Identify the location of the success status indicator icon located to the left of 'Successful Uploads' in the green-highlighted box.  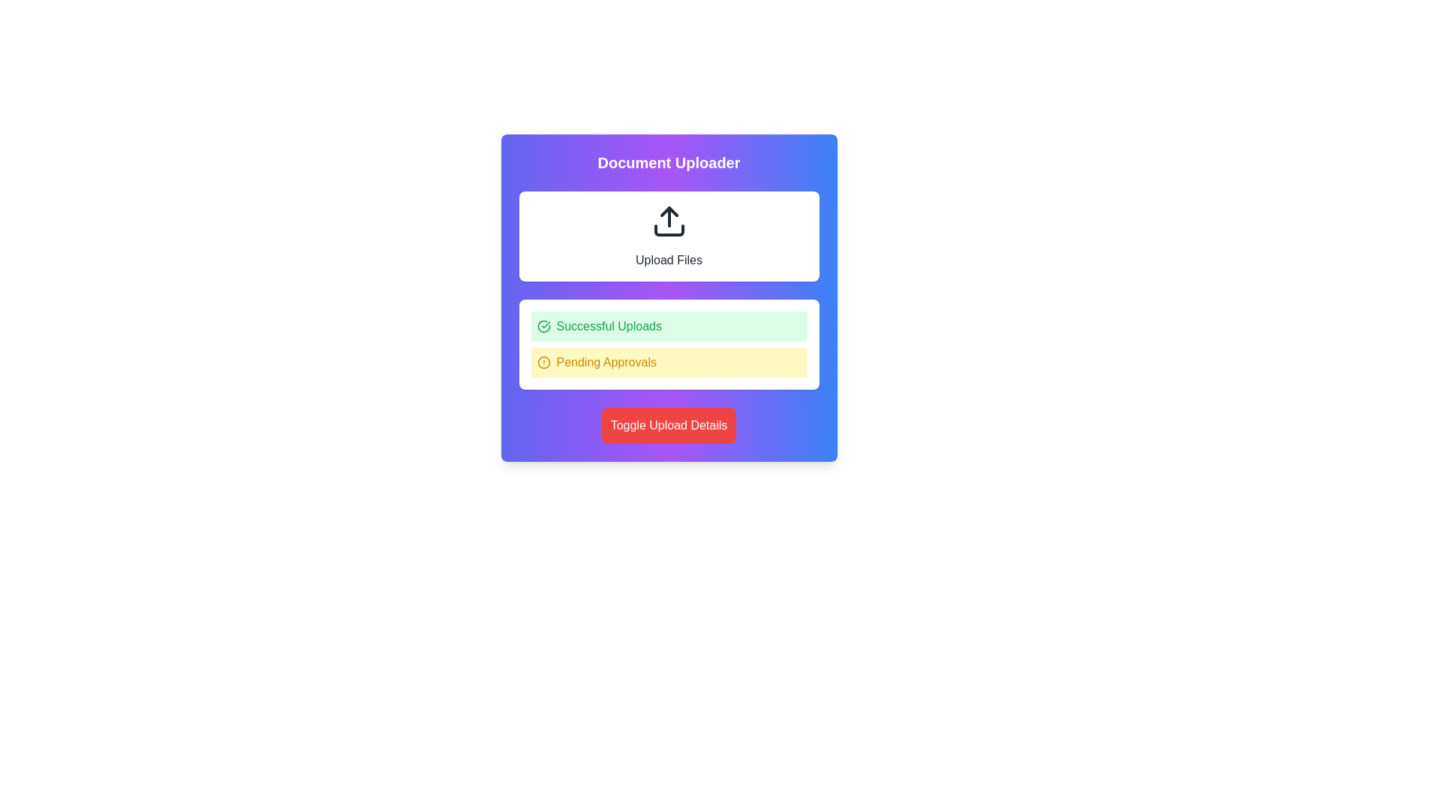
(543, 326).